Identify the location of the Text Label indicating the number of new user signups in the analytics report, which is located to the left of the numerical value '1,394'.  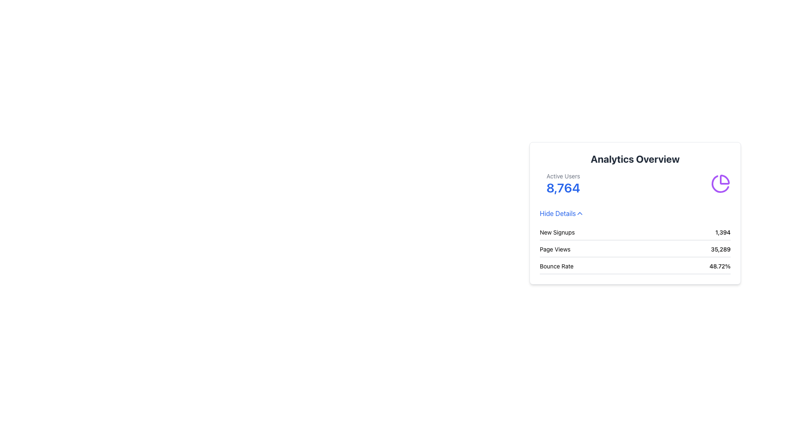
(557, 232).